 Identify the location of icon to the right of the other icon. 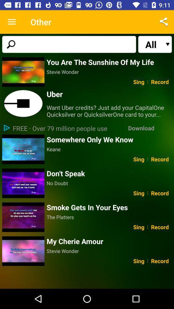
(164, 22).